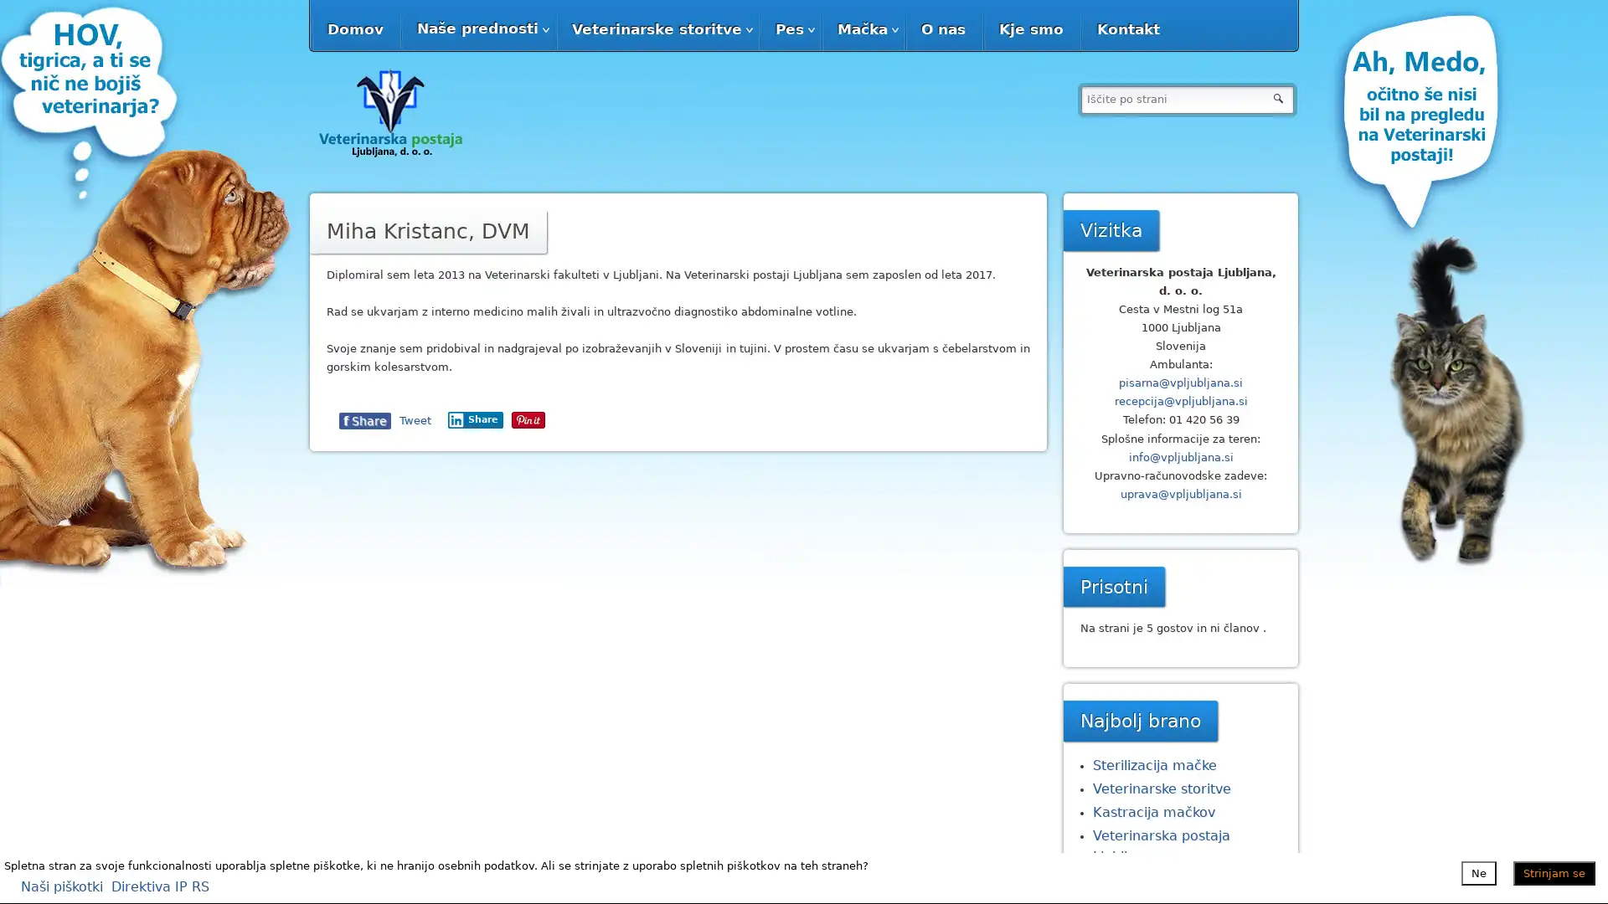  What do you see at coordinates (581, 419) in the screenshot?
I see `Share` at bounding box center [581, 419].